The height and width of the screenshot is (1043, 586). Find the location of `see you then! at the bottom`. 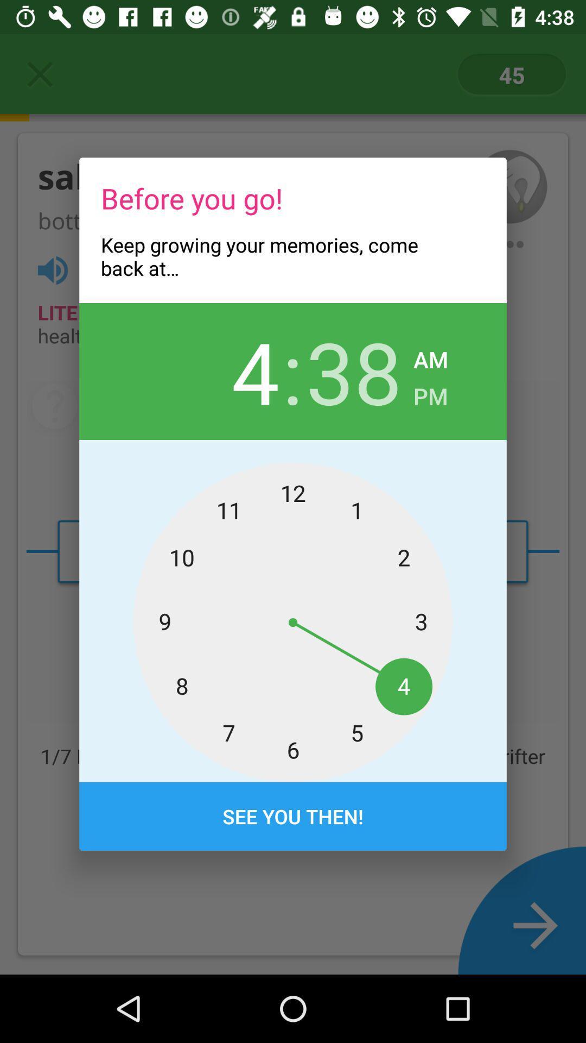

see you then! at the bottom is located at coordinates (293, 816).